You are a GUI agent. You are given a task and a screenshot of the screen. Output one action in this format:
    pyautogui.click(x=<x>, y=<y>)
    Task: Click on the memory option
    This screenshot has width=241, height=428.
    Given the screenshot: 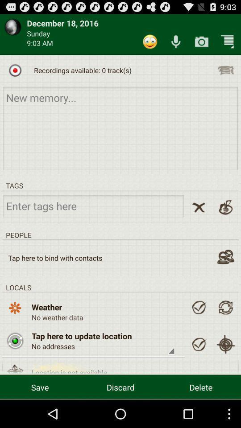 What is the action you would take?
    pyautogui.click(x=120, y=128)
    